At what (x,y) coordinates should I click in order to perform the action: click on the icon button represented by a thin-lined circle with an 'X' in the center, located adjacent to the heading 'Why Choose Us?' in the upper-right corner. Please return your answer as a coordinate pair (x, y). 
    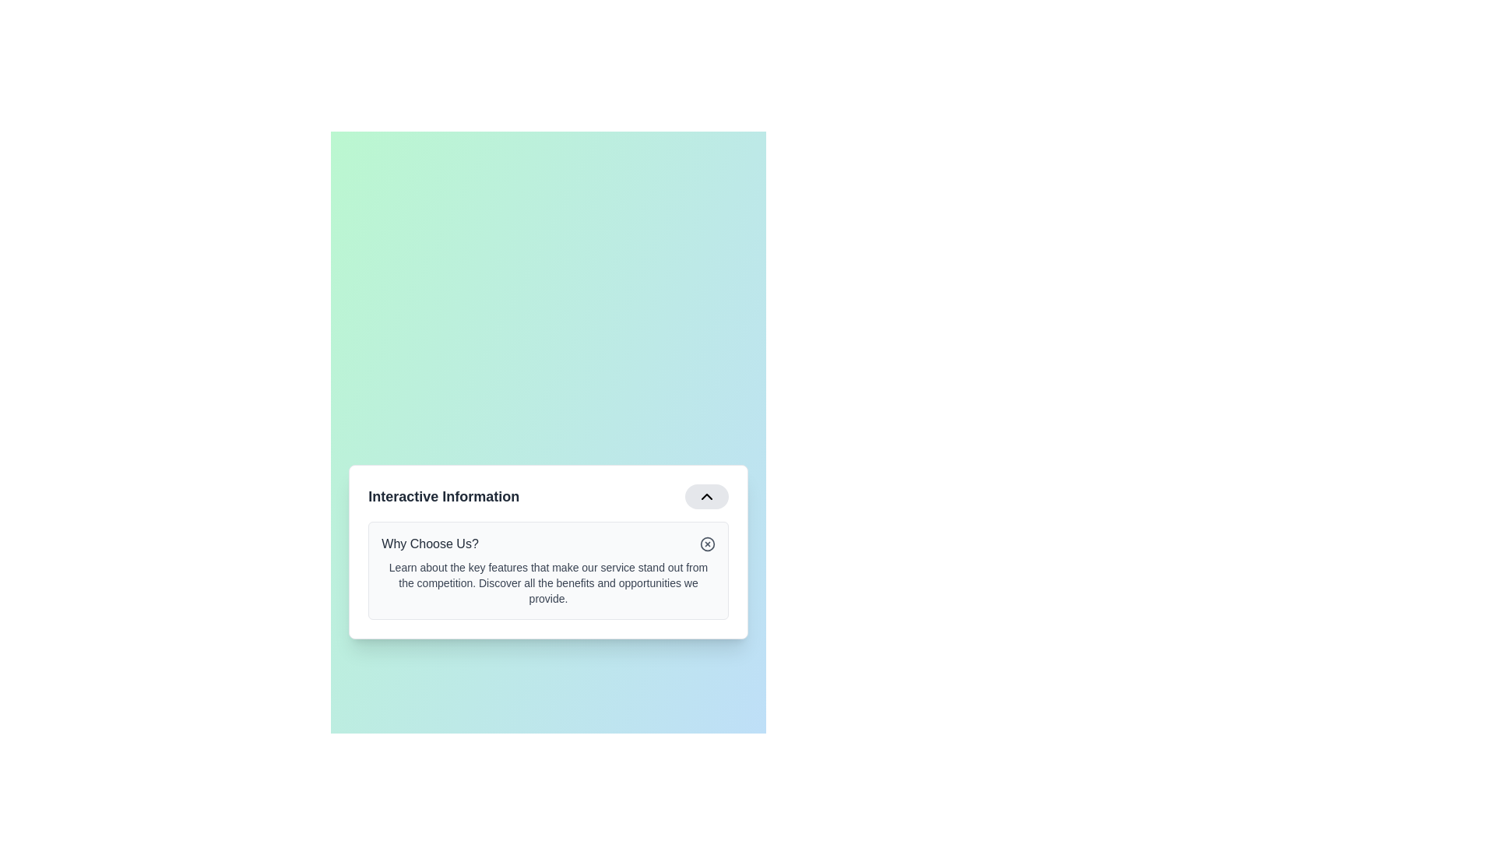
    Looking at the image, I should click on (706, 543).